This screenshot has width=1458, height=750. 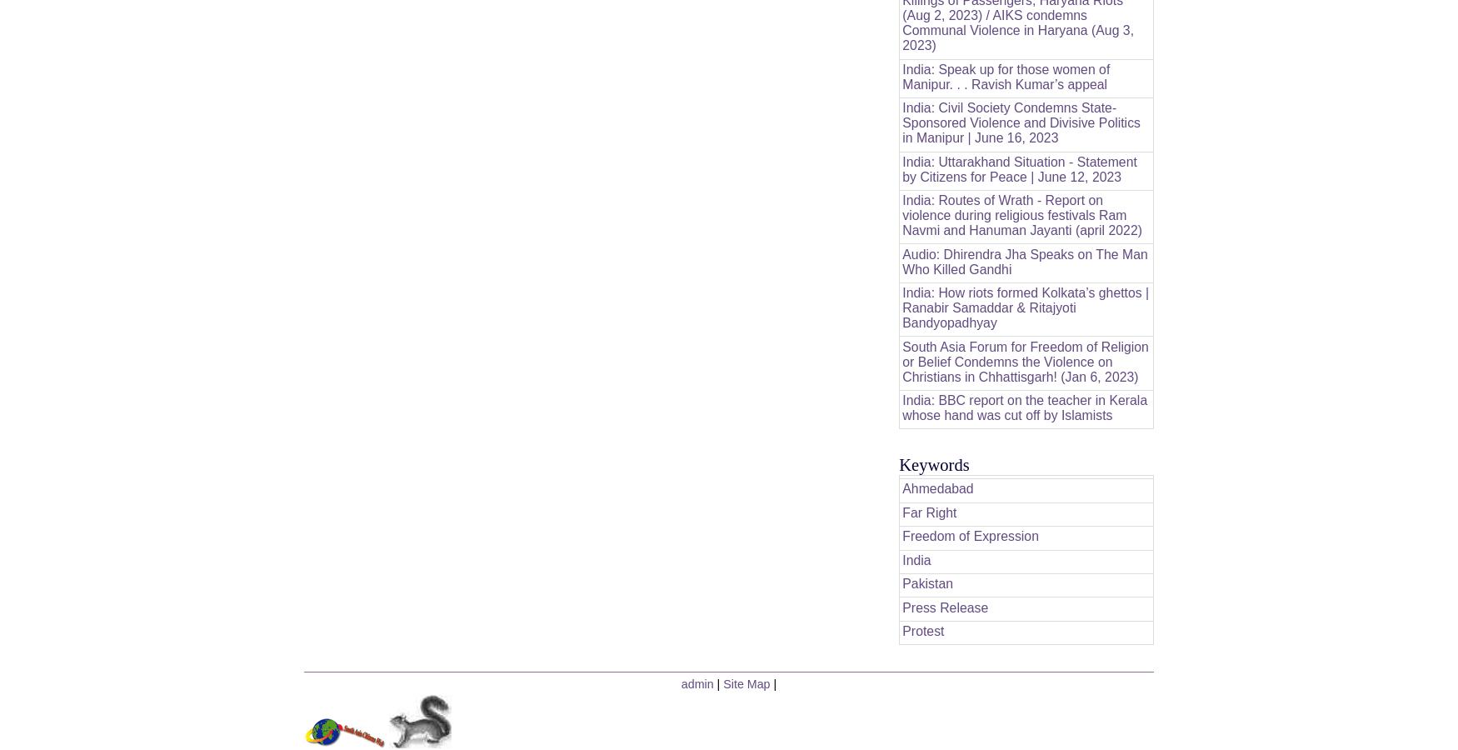 I want to click on 'India: Civil Society Condemns State-Sponsored Violence and Divisive Politics in Manipur | June 16, 2023', so click(x=1021, y=122).